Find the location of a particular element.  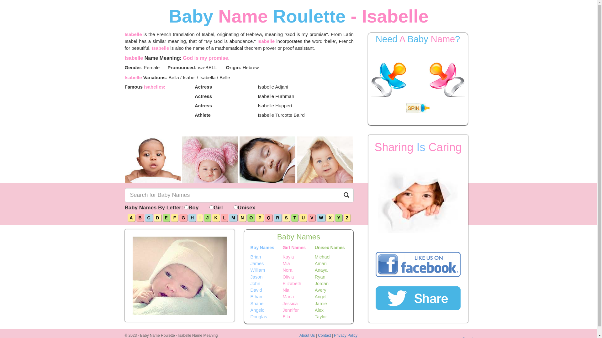

'Elizabeth' is located at coordinates (298, 284).